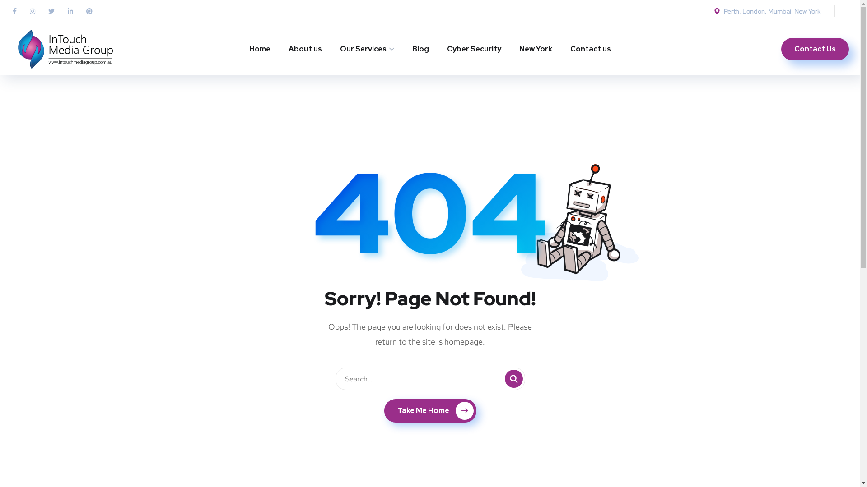 Image resolution: width=867 pixels, height=487 pixels. I want to click on 'Cyber Security', so click(474, 49).